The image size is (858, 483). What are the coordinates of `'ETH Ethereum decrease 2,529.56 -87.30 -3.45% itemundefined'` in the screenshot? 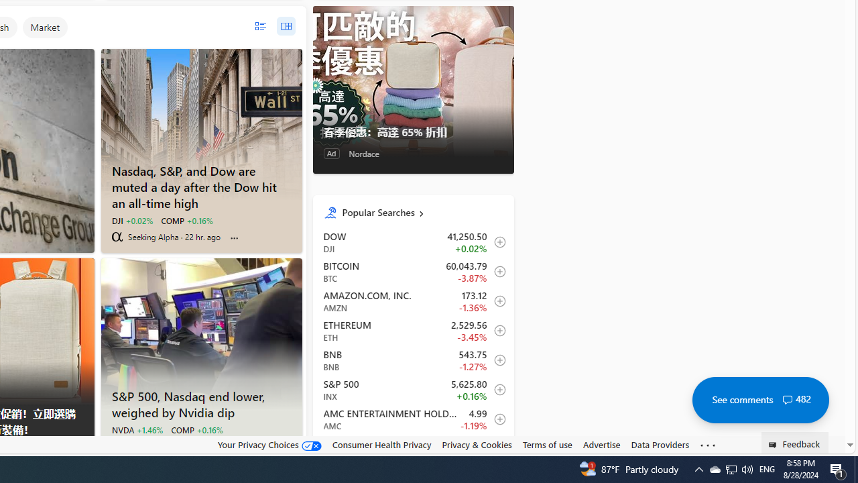 It's located at (412, 330).